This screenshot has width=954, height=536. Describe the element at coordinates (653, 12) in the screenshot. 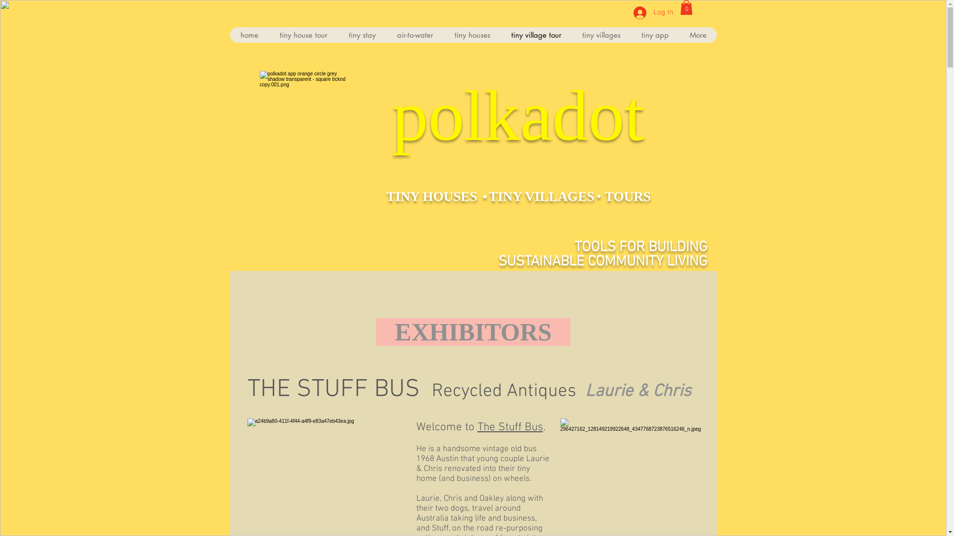

I see `'Log In'` at that location.